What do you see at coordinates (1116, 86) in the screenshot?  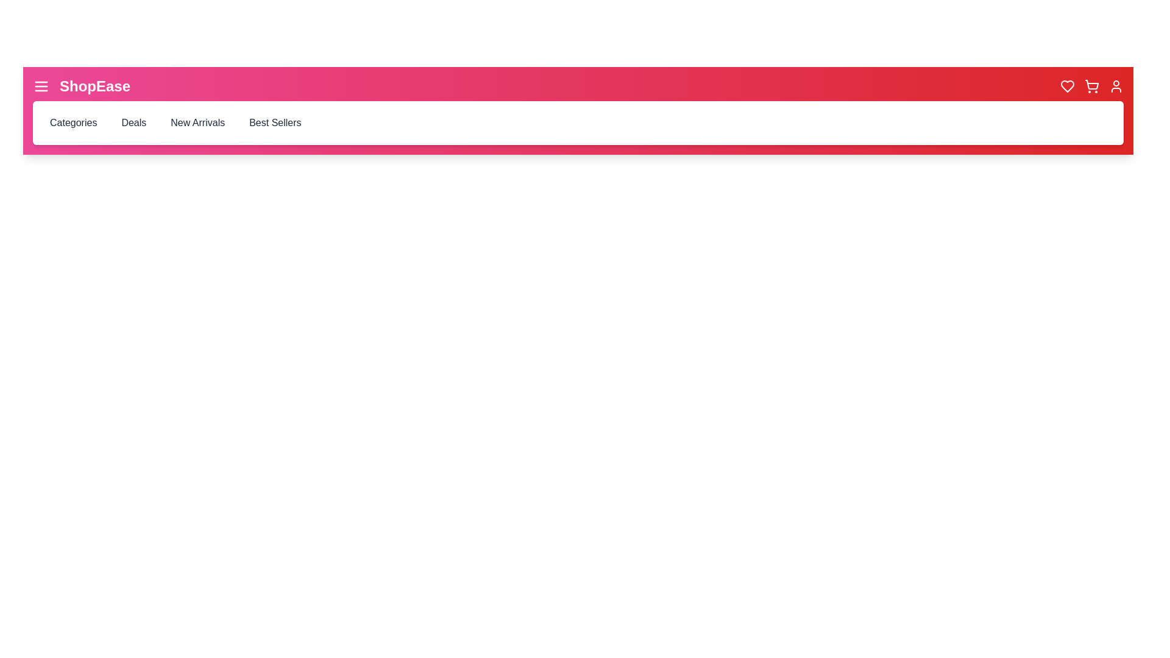 I see `the 'User Profile' icon in the app bar` at bounding box center [1116, 86].